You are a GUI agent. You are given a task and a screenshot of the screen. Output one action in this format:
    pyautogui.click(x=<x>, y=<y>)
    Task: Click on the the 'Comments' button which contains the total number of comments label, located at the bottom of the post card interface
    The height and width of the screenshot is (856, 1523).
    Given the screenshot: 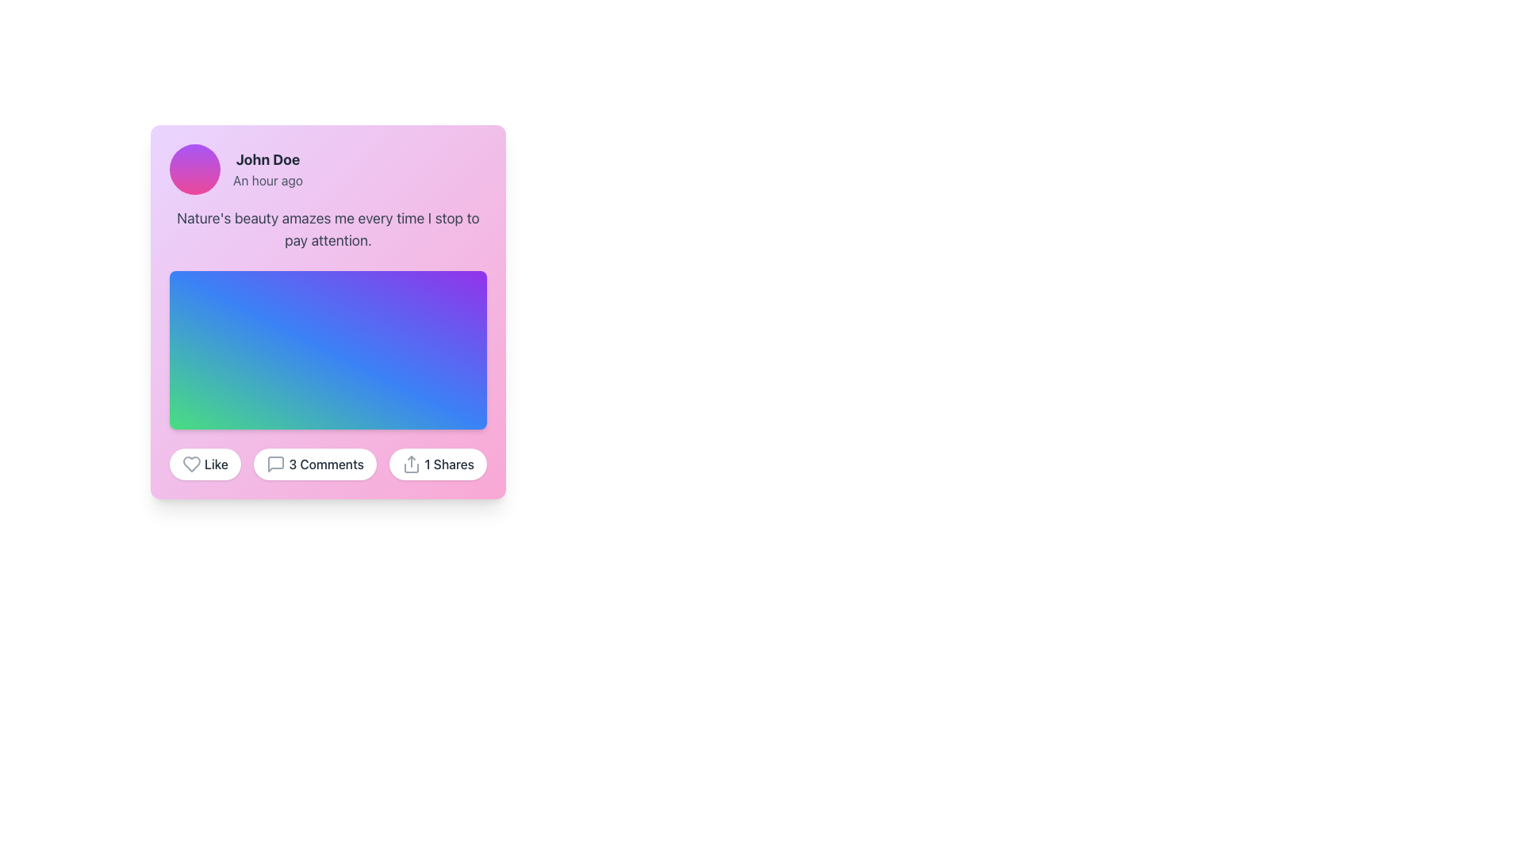 What is the action you would take?
    pyautogui.click(x=325, y=464)
    